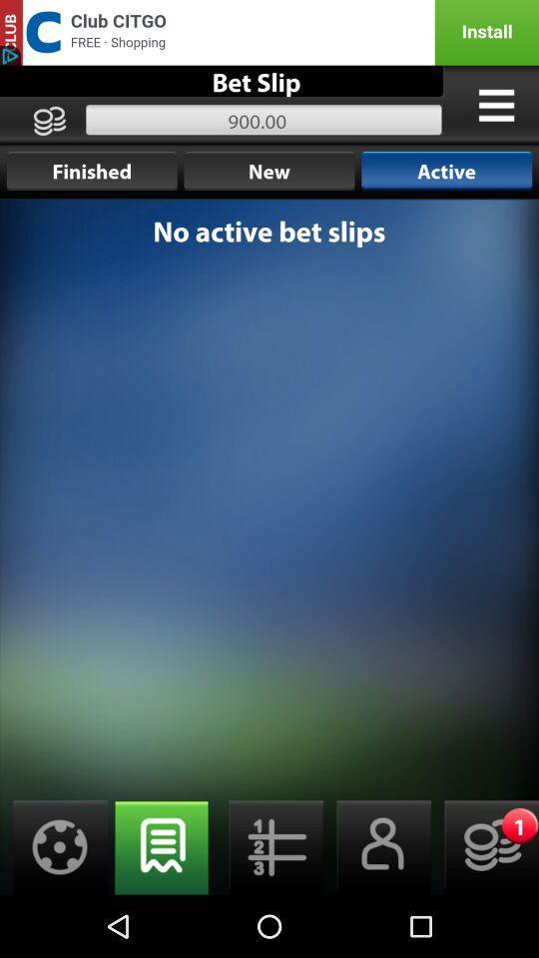 Image resolution: width=539 pixels, height=958 pixels. I want to click on menu, so click(495, 105).